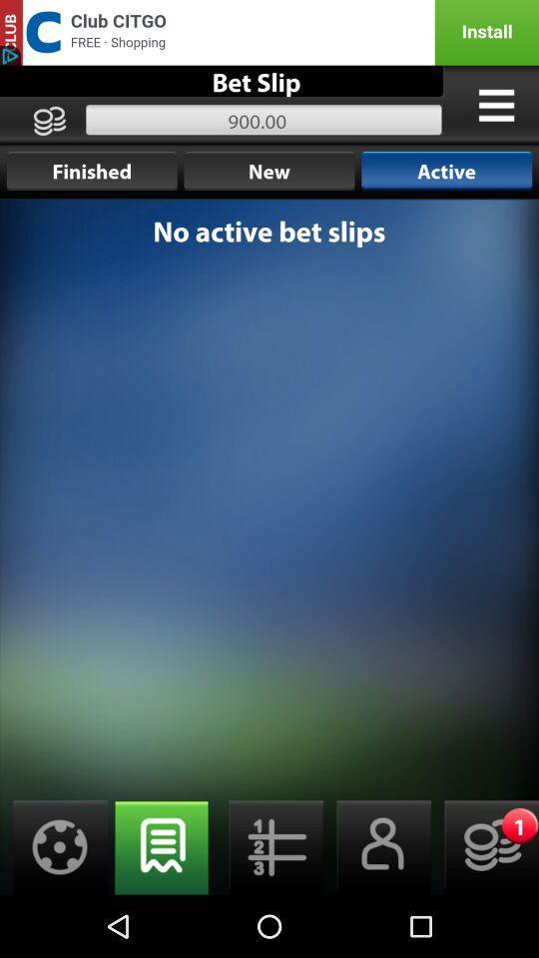 Image resolution: width=539 pixels, height=958 pixels. I want to click on menu, so click(495, 105).